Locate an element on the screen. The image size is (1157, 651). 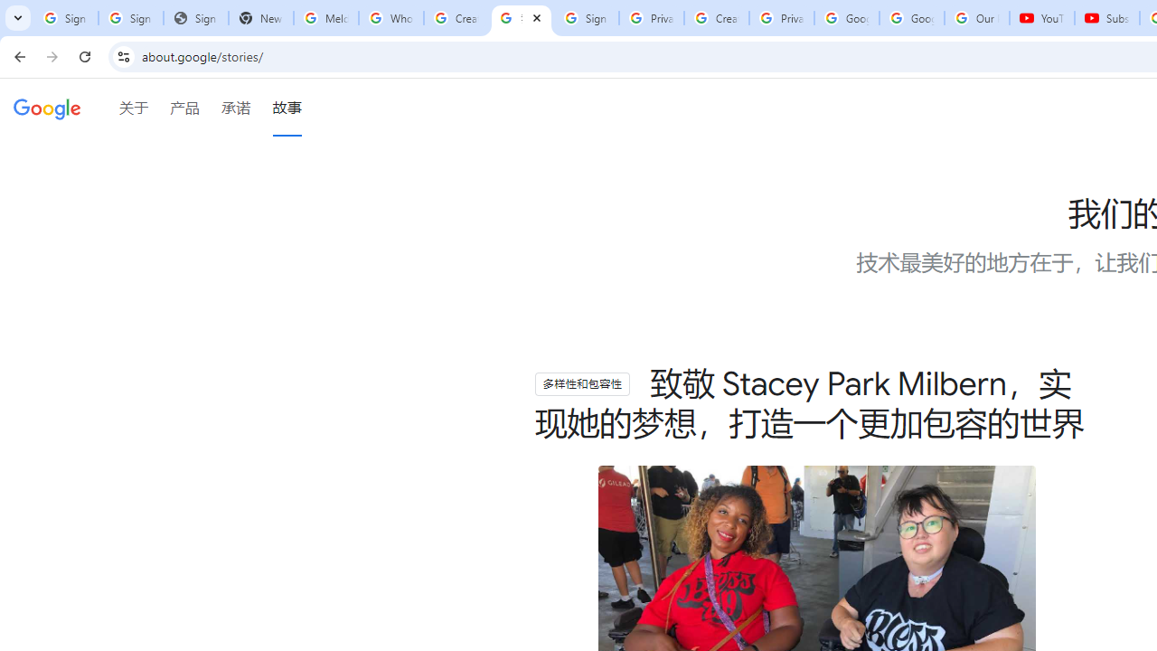
'New Tab' is located at coordinates (260, 18).